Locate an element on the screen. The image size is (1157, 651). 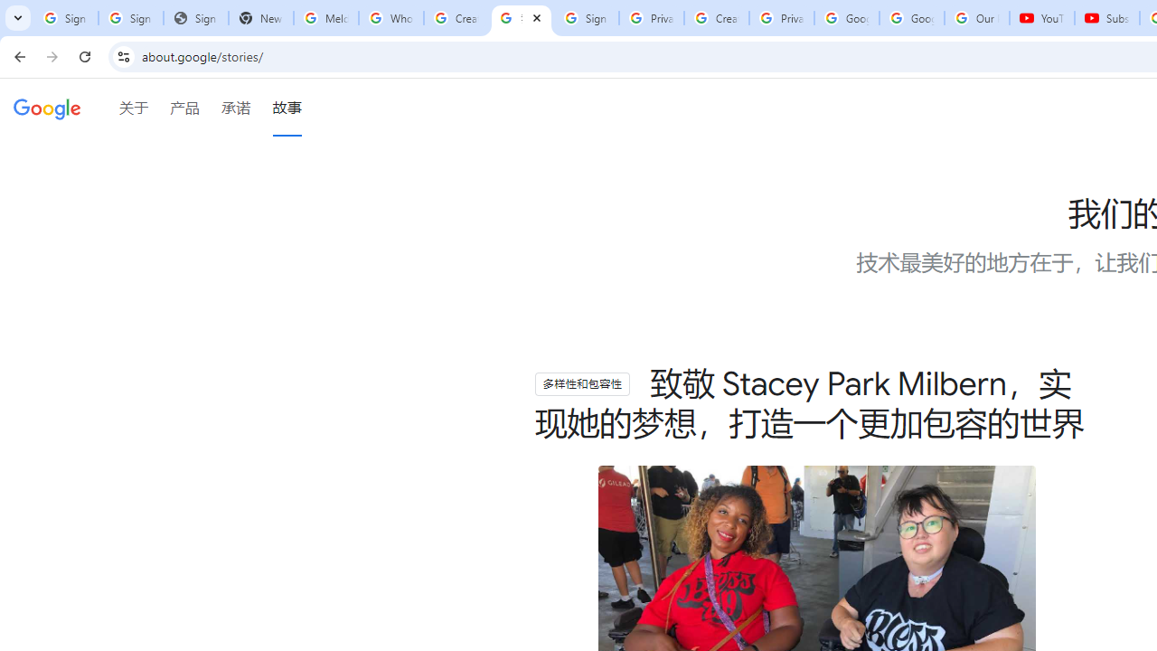
'New Tab' is located at coordinates (260, 18).